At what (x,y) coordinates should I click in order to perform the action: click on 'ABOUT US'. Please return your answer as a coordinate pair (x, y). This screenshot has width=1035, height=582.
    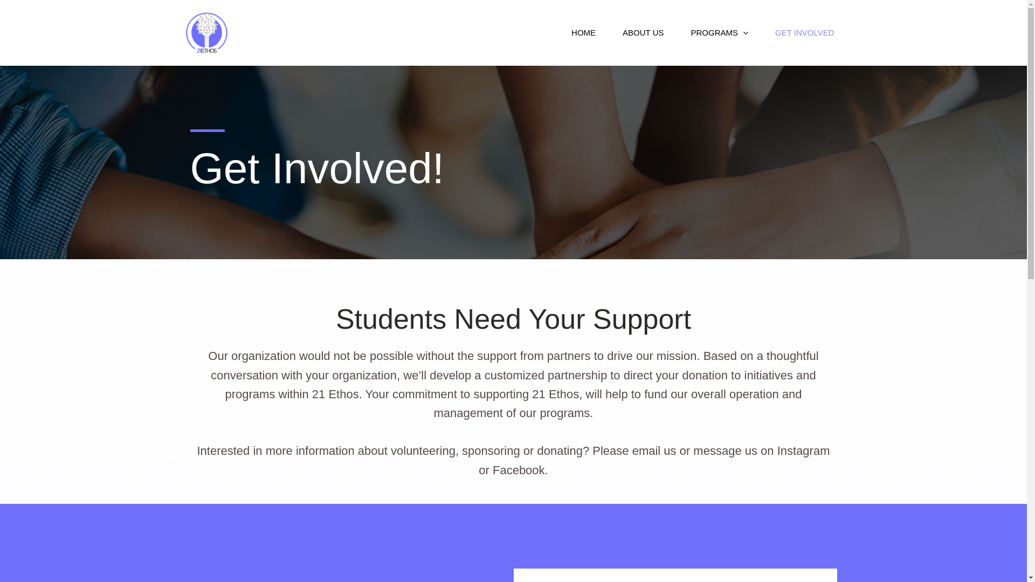
    Looking at the image, I should click on (643, 32).